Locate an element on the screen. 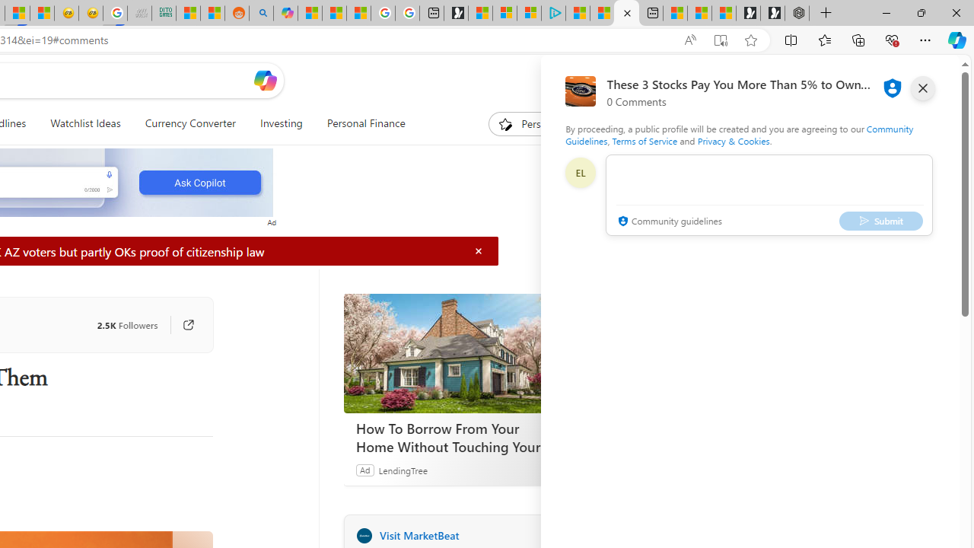 This screenshot has width=974, height=548. 'Currency Converter' is located at coordinates (189, 123).